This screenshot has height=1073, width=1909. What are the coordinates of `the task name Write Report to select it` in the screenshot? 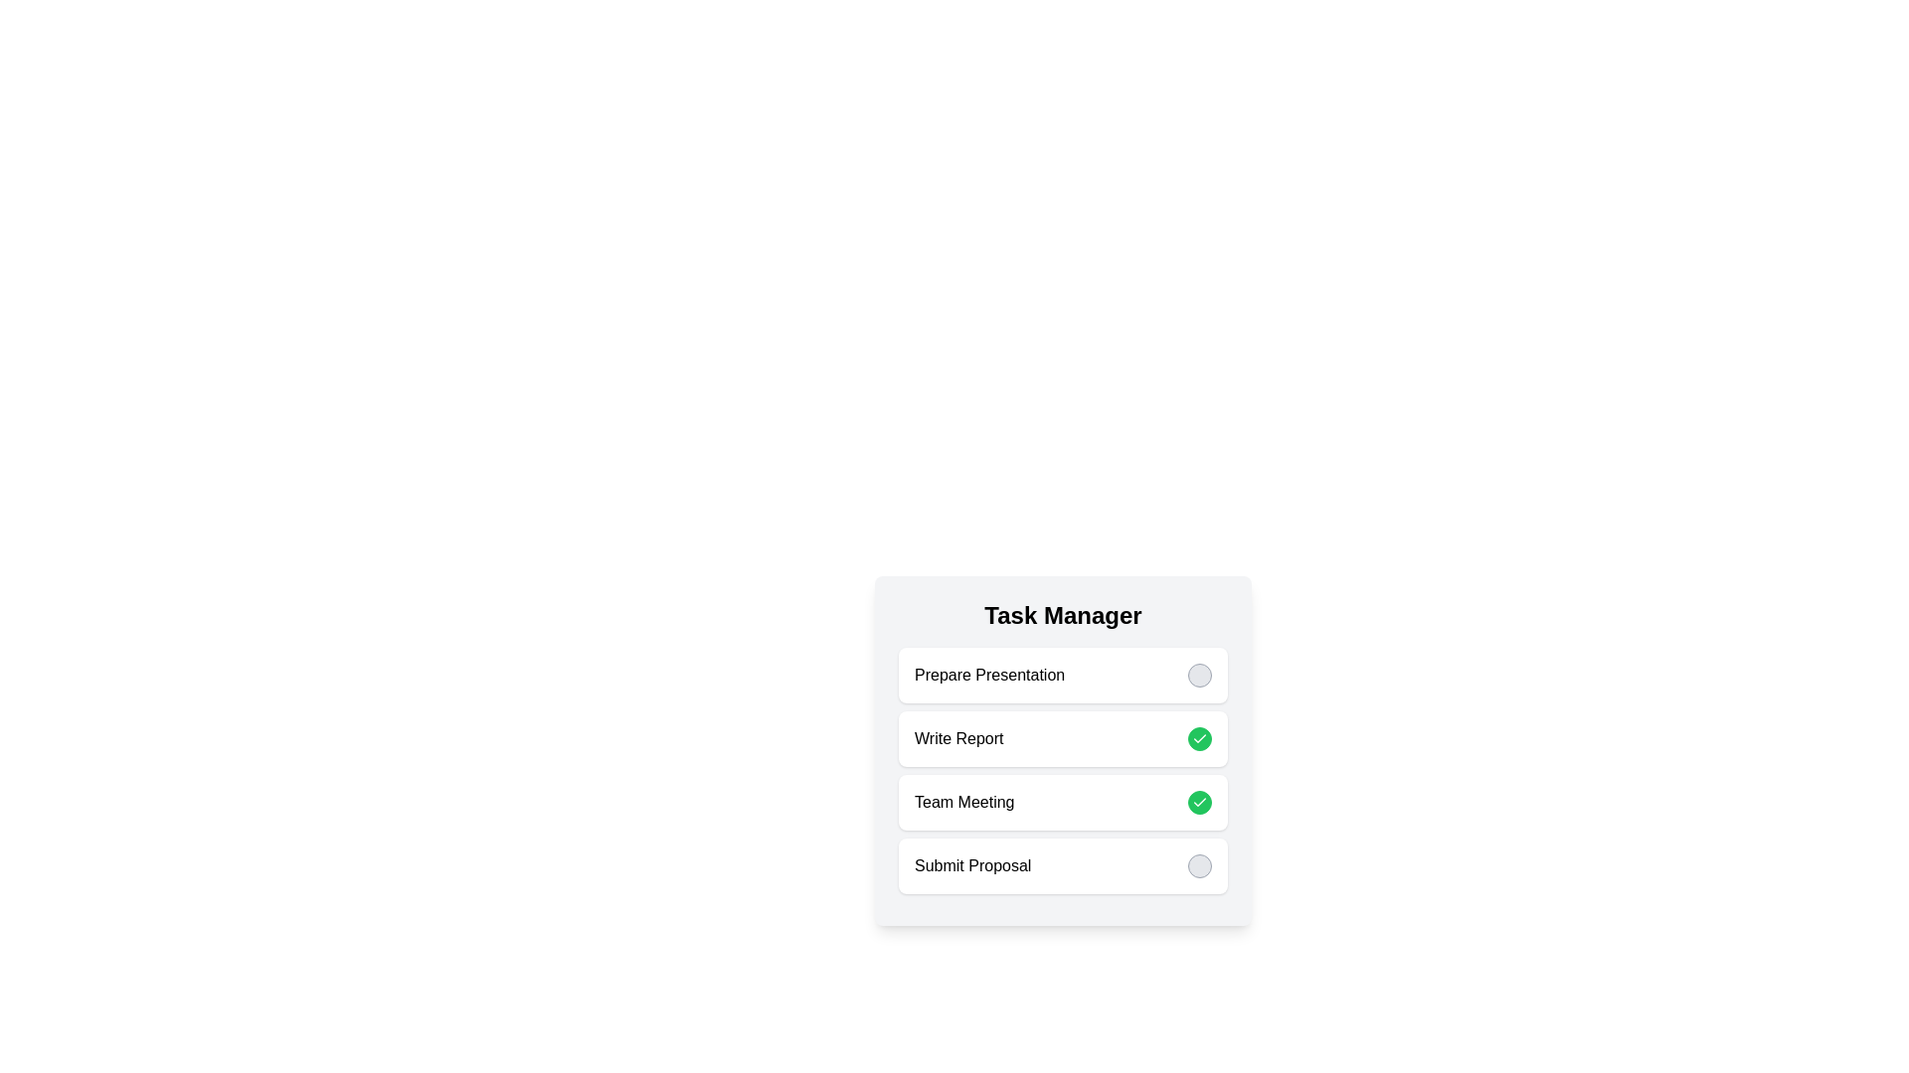 It's located at (958, 739).